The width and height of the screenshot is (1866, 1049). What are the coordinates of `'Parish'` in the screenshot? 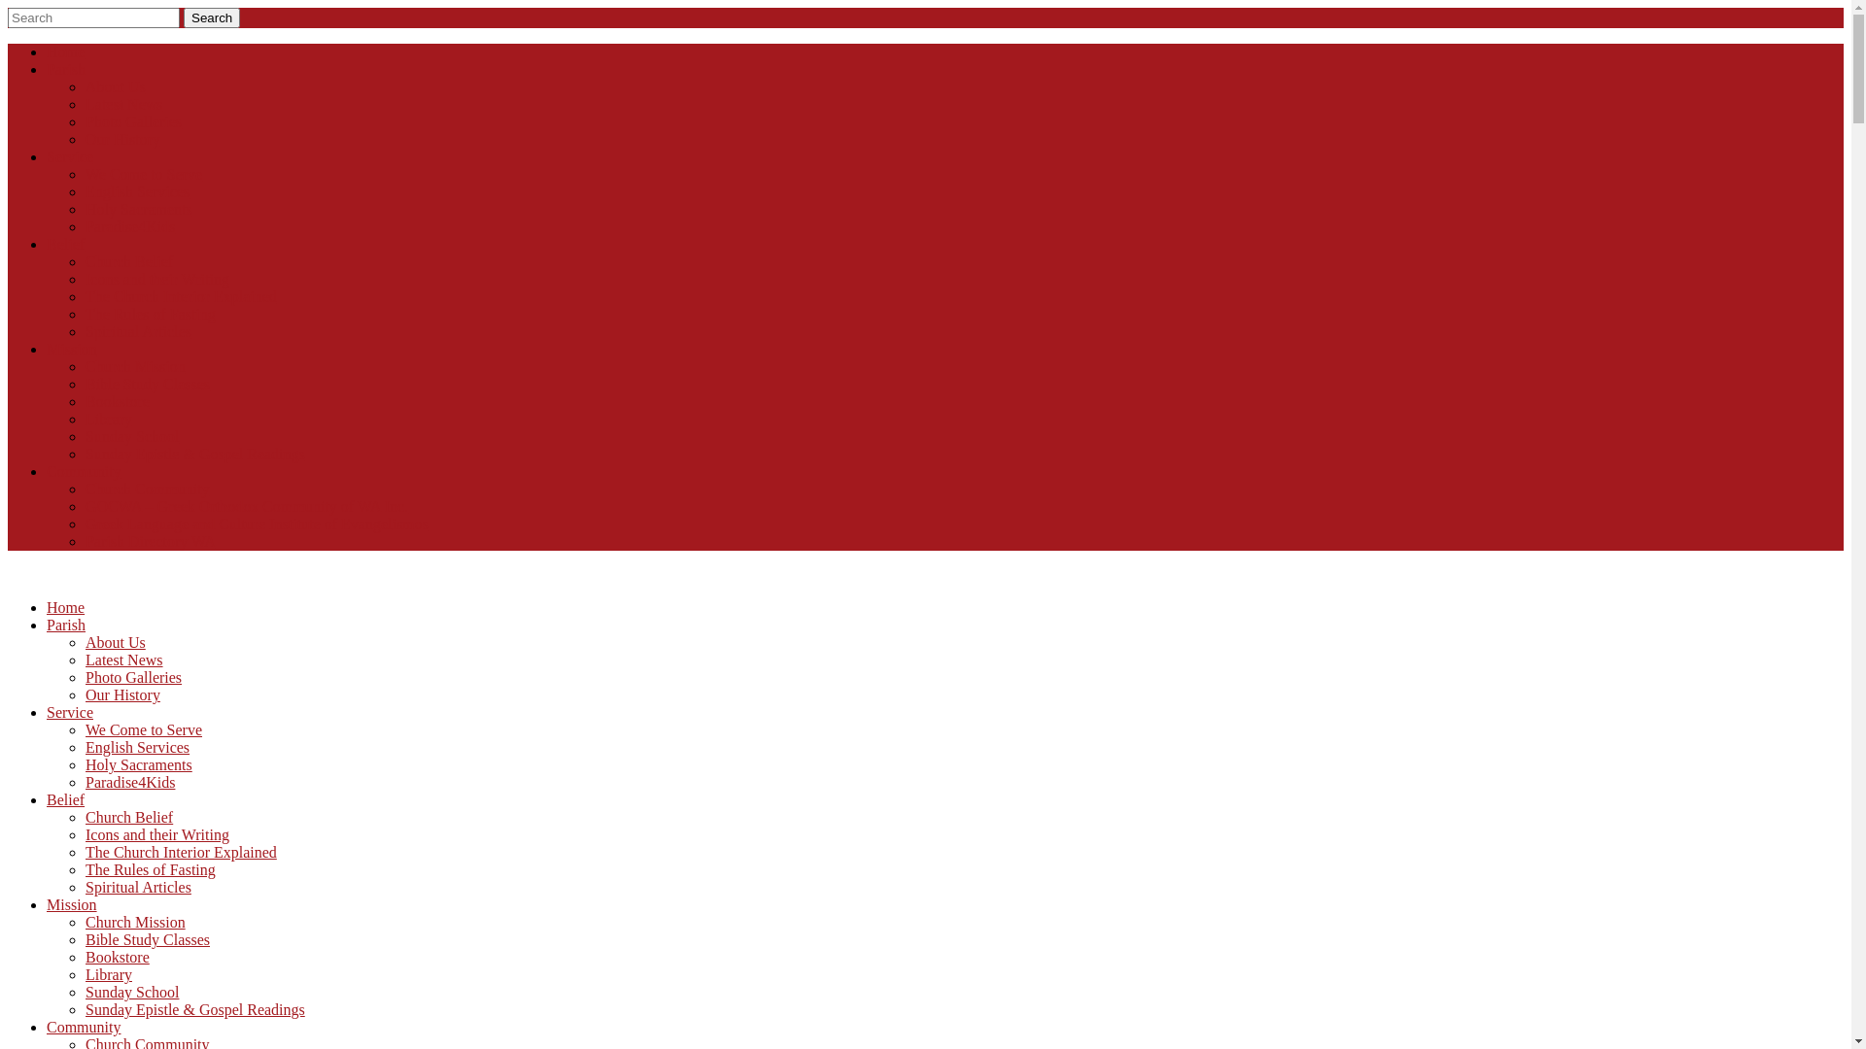 It's located at (47, 625).